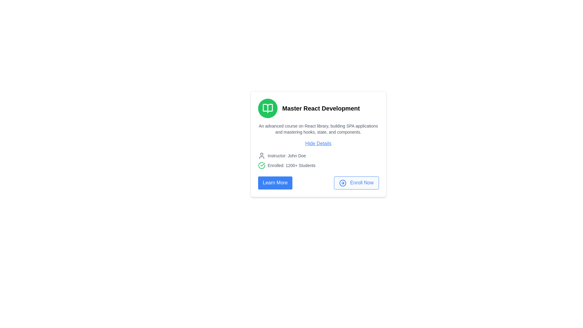 The width and height of the screenshot is (583, 328). What do you see at coordinates (261, 165) in the screenshot?
I see `the SVG graphic element indicating a status, located left of the descriptive text 'Enrolled: 1200+ Students'` at bounding box center [261, 165].